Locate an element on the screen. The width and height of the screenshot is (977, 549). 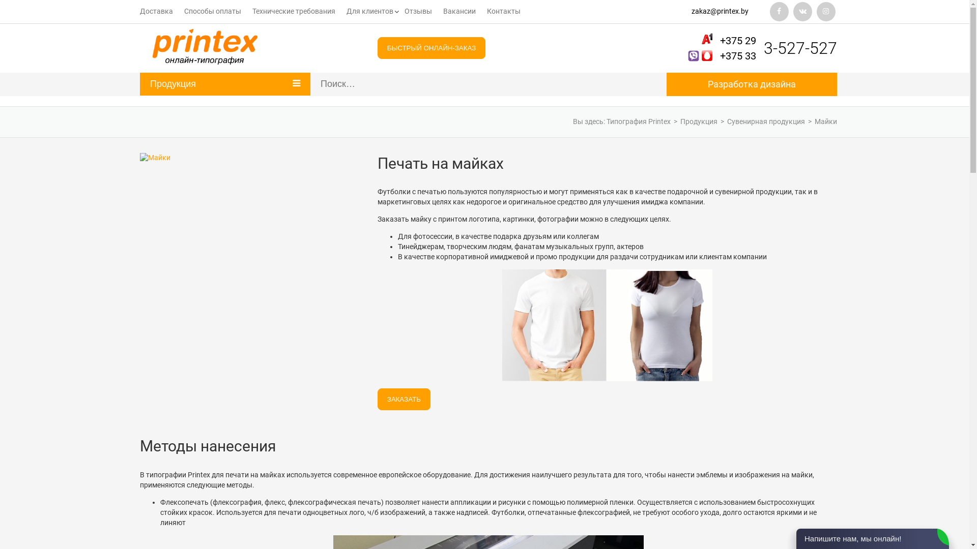
'3-527-527' is located at coordinates (800, 48).